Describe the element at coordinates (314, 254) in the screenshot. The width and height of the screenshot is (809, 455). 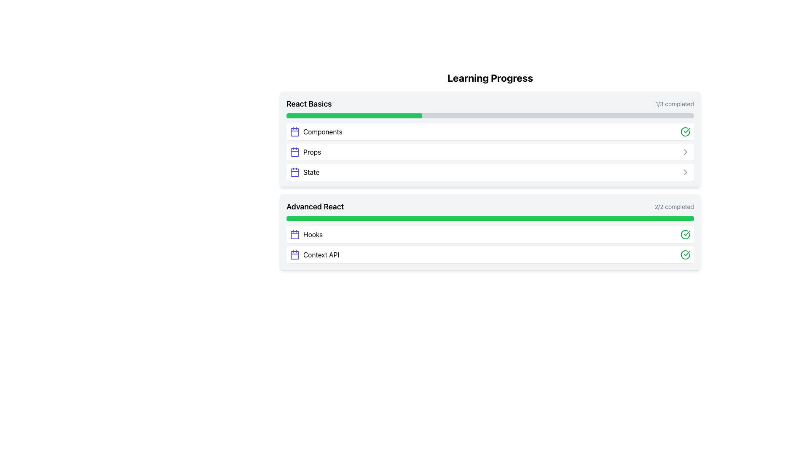
I see `associated information from the label containing the calendar icon and the text 'Context API', which is the second item in the 'Advanced React' section of the learning module interface` at that location.